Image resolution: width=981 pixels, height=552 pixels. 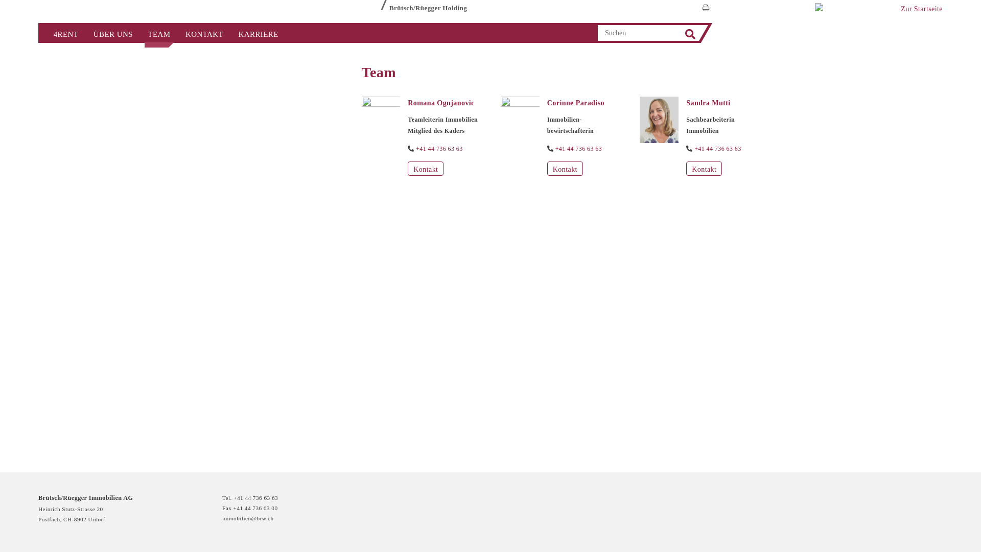 I want to click on 'Kontakt', so click(x=686, y=168).